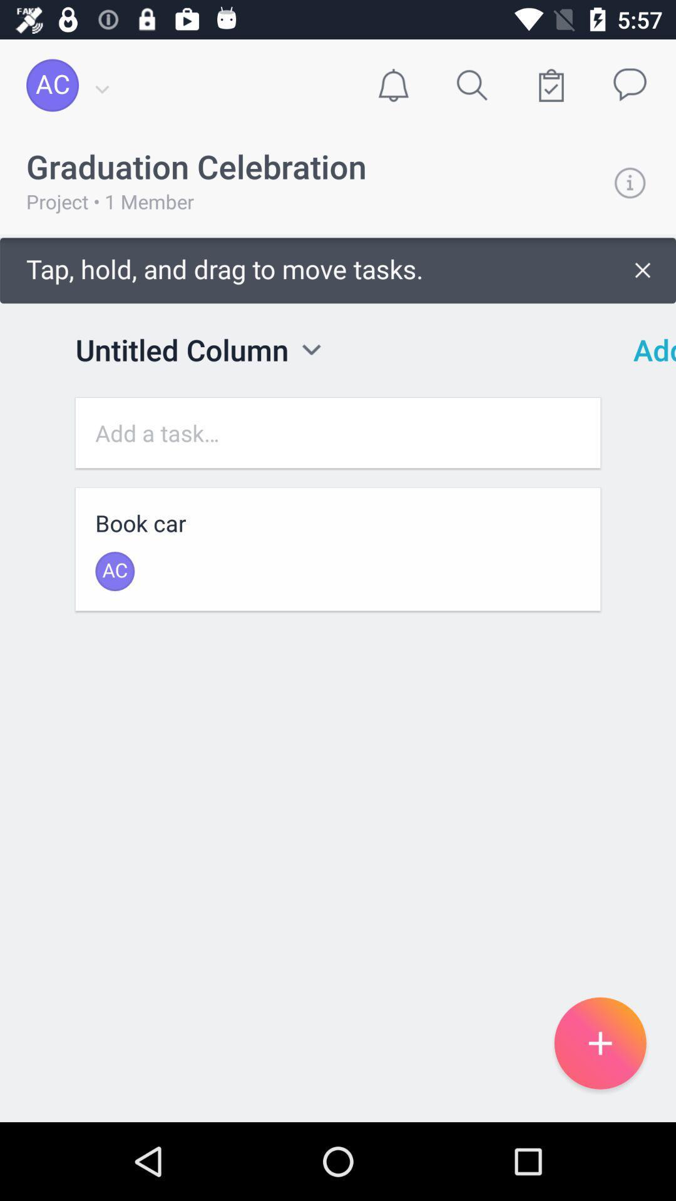  I want to click on icon to the right of the tap hold and, so click(646, 350).